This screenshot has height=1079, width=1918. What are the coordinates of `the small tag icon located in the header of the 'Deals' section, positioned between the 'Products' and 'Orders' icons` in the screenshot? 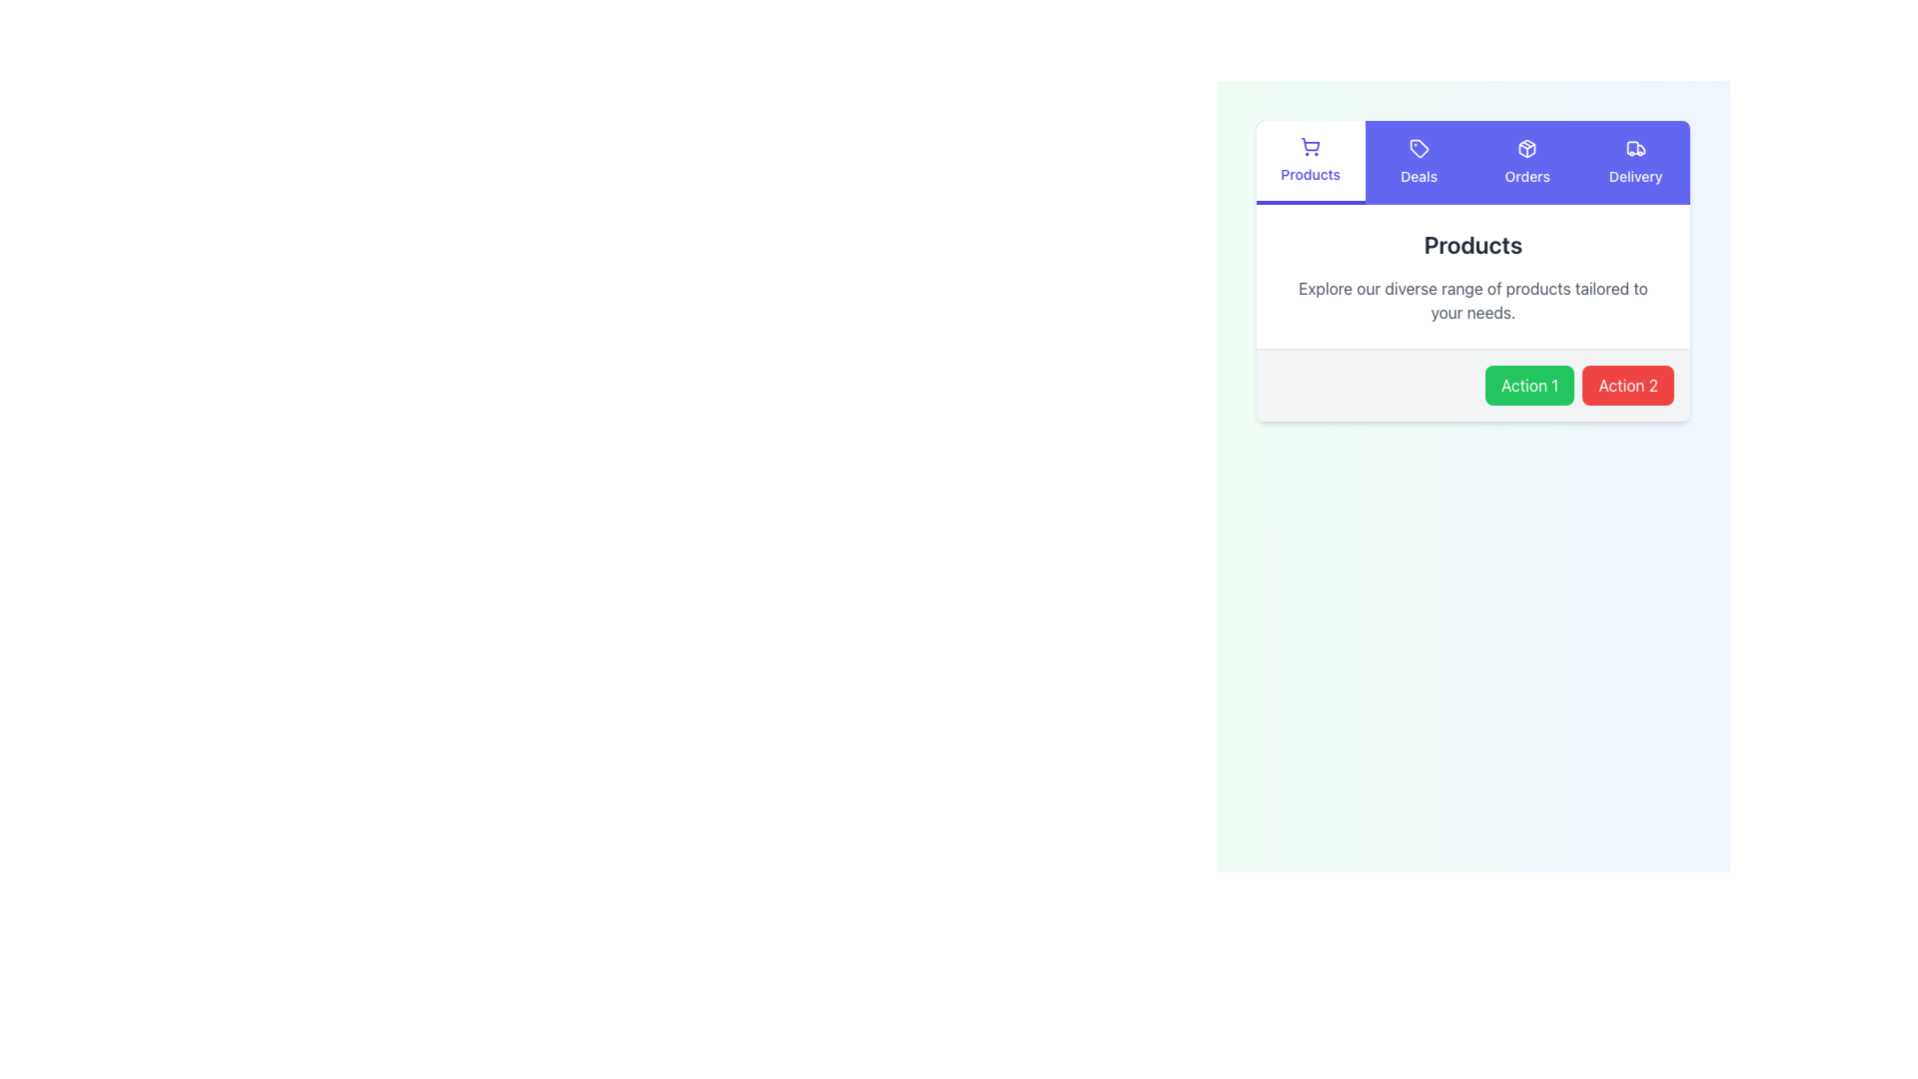 It's located at (1418, 148).